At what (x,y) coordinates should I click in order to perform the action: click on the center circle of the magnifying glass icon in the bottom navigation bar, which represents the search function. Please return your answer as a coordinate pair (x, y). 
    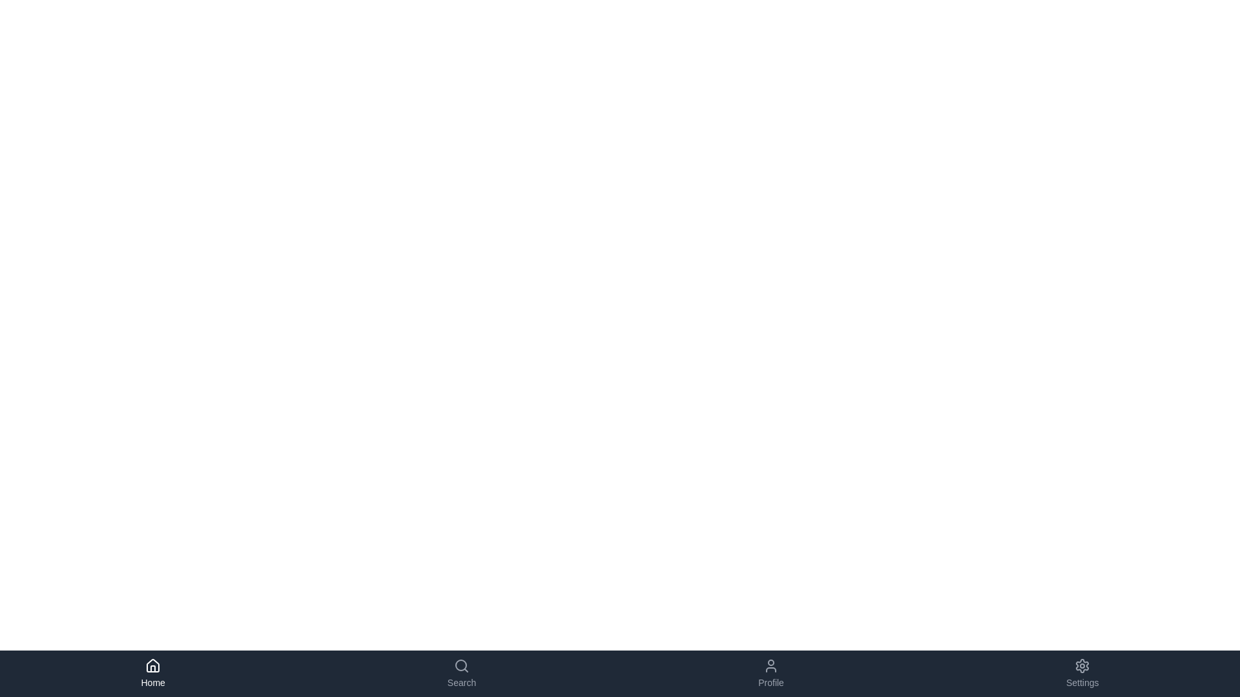
    Looking at the image, I should click on (461, 665).